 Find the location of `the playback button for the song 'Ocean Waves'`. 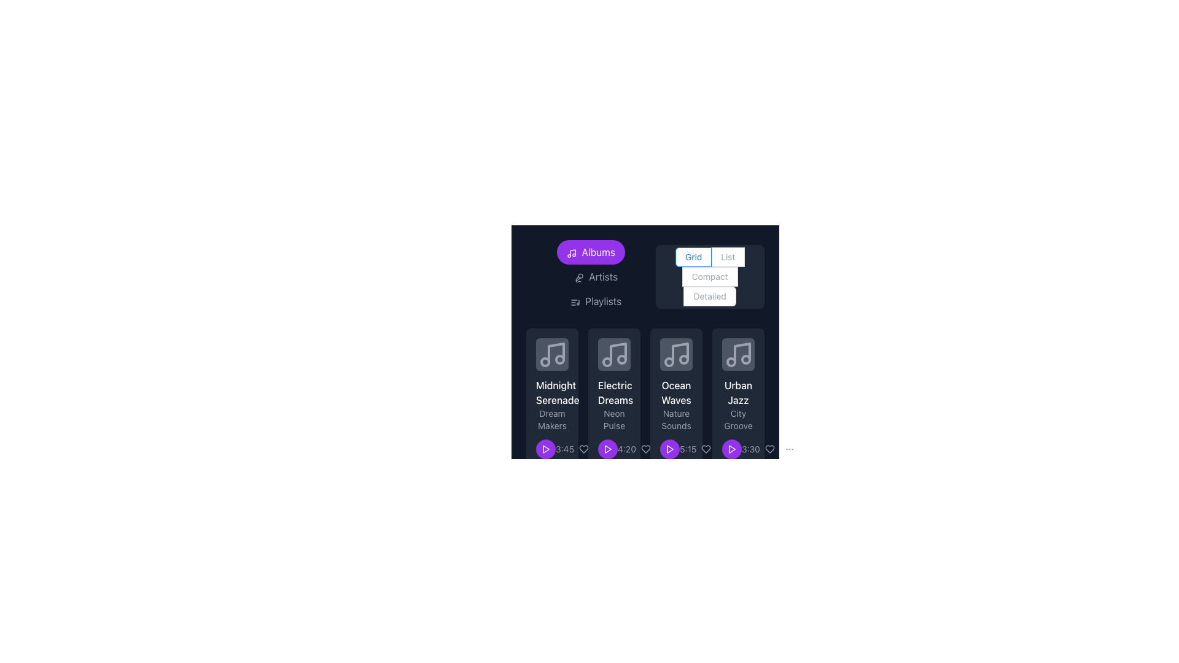

the playback button for the song 'Ocean Waves' is located at coordinates (669, 449).